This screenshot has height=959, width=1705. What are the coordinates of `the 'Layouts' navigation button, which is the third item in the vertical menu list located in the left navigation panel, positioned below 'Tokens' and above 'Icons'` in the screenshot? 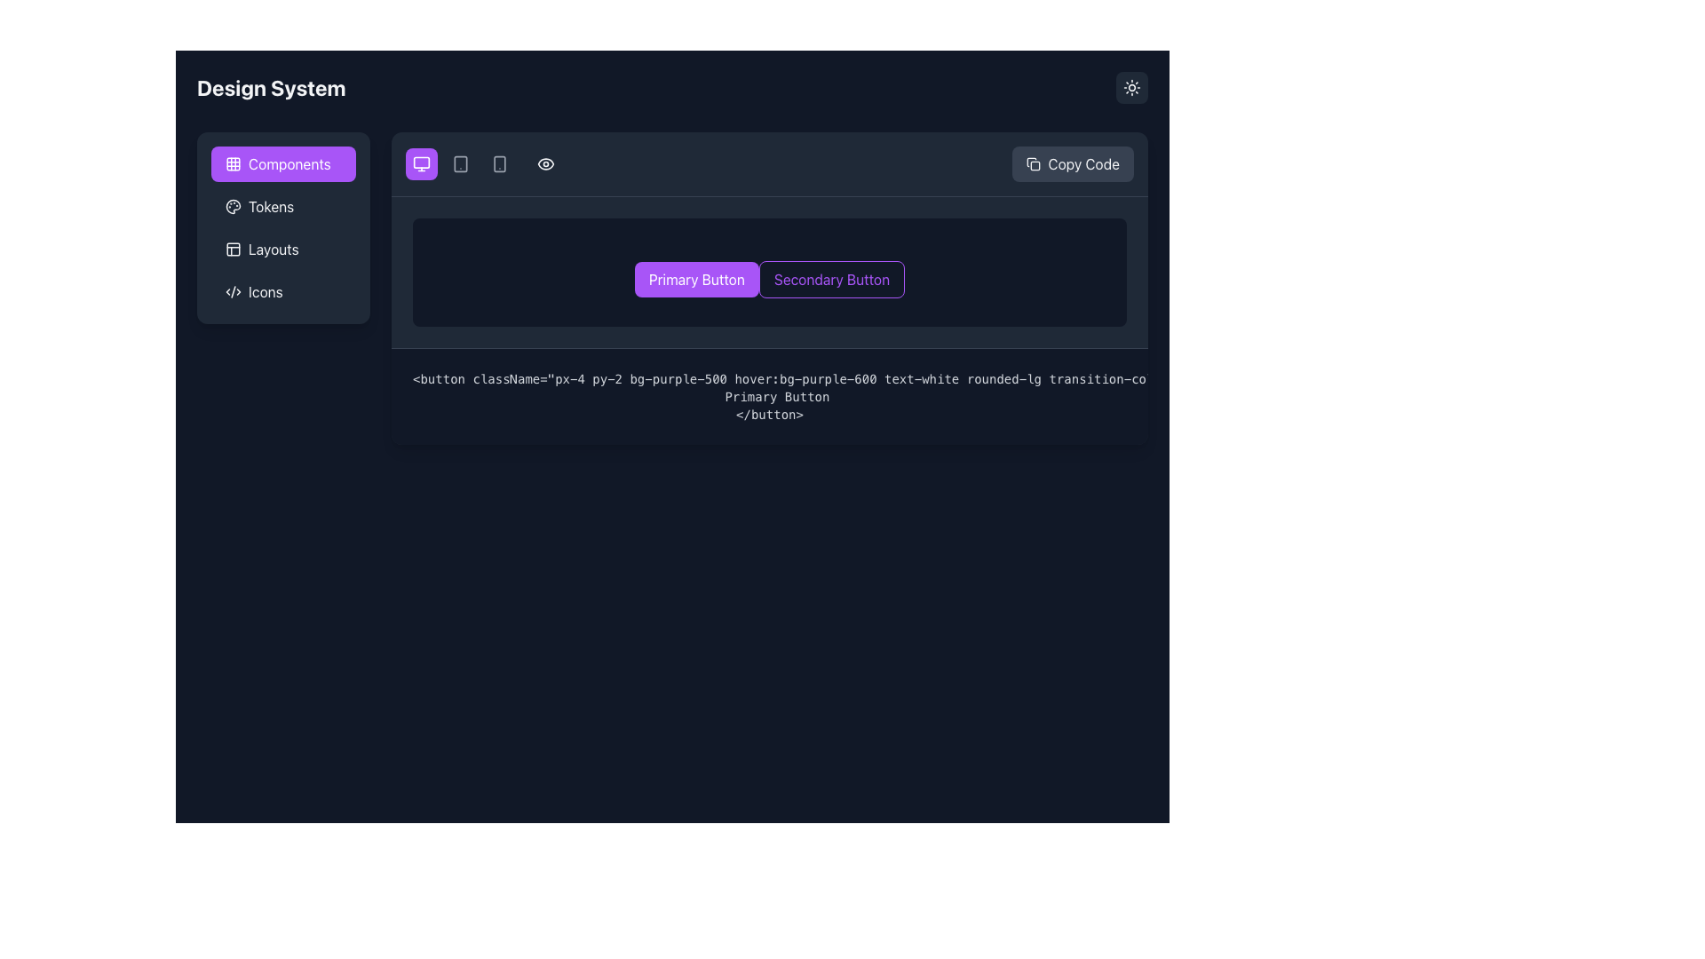 It's located at (282, 250).